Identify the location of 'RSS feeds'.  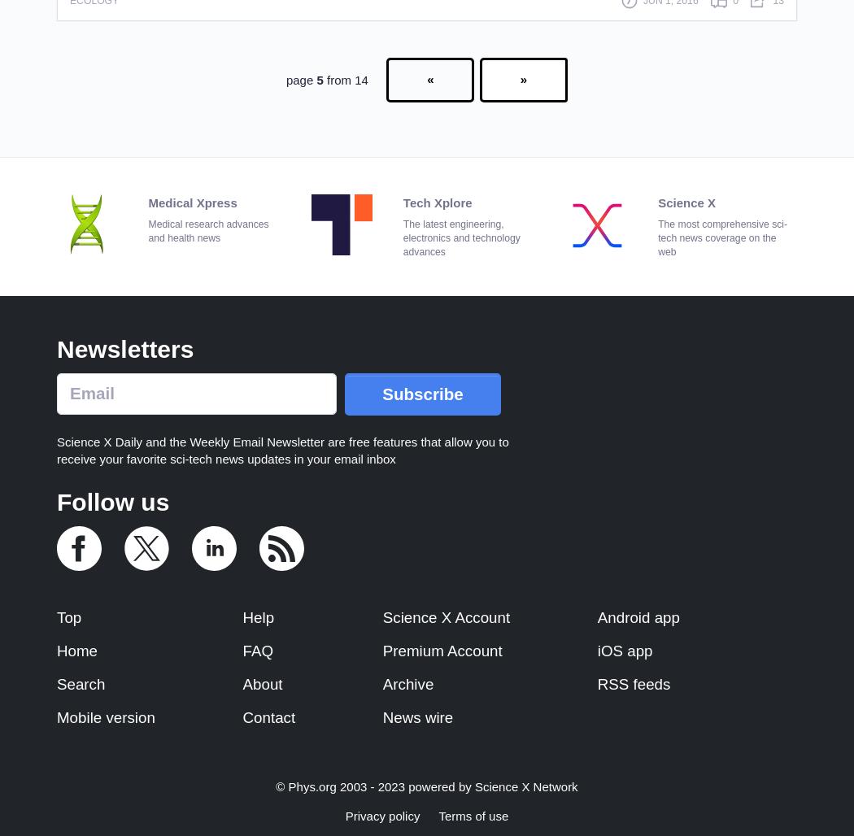
(633, 683).